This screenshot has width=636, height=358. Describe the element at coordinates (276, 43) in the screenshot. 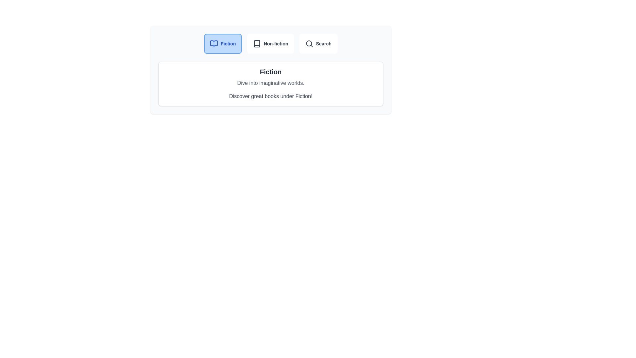

I see `the navigational label for non-fiction content located to the right of the 'Fiction' option in the navigation bar` at that location.